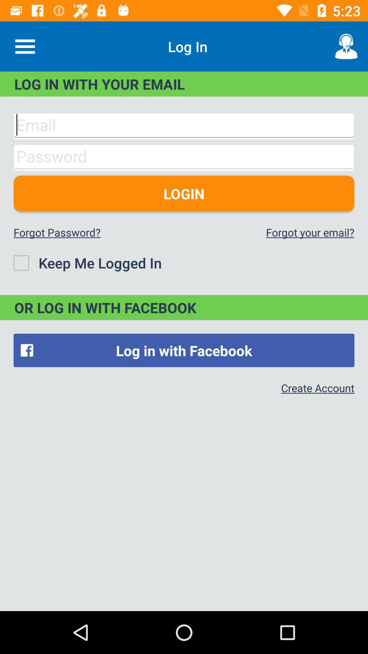 Image resolution: width=368 pixels, height=654 pixels. Describe the element at coordinates (347, 46) in the screenshot. I see `item at the top right corner` at that location.